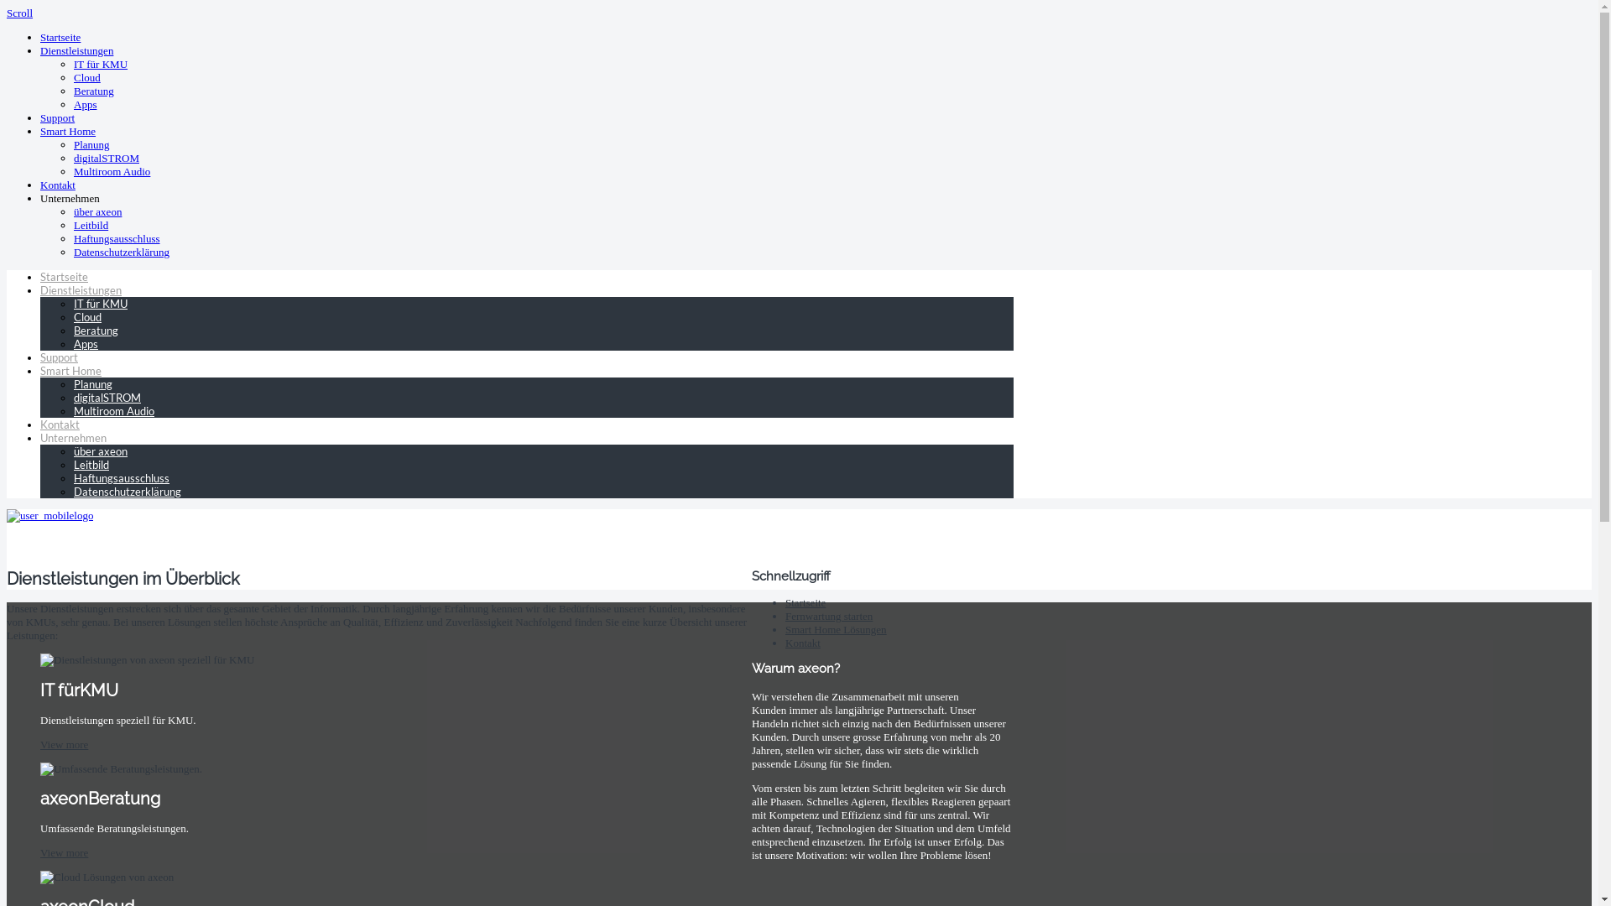  What do you see at coordinates (107, 398) in the screenshot?
I see `'digitalSTROM'` at bounding box center [107, 398].